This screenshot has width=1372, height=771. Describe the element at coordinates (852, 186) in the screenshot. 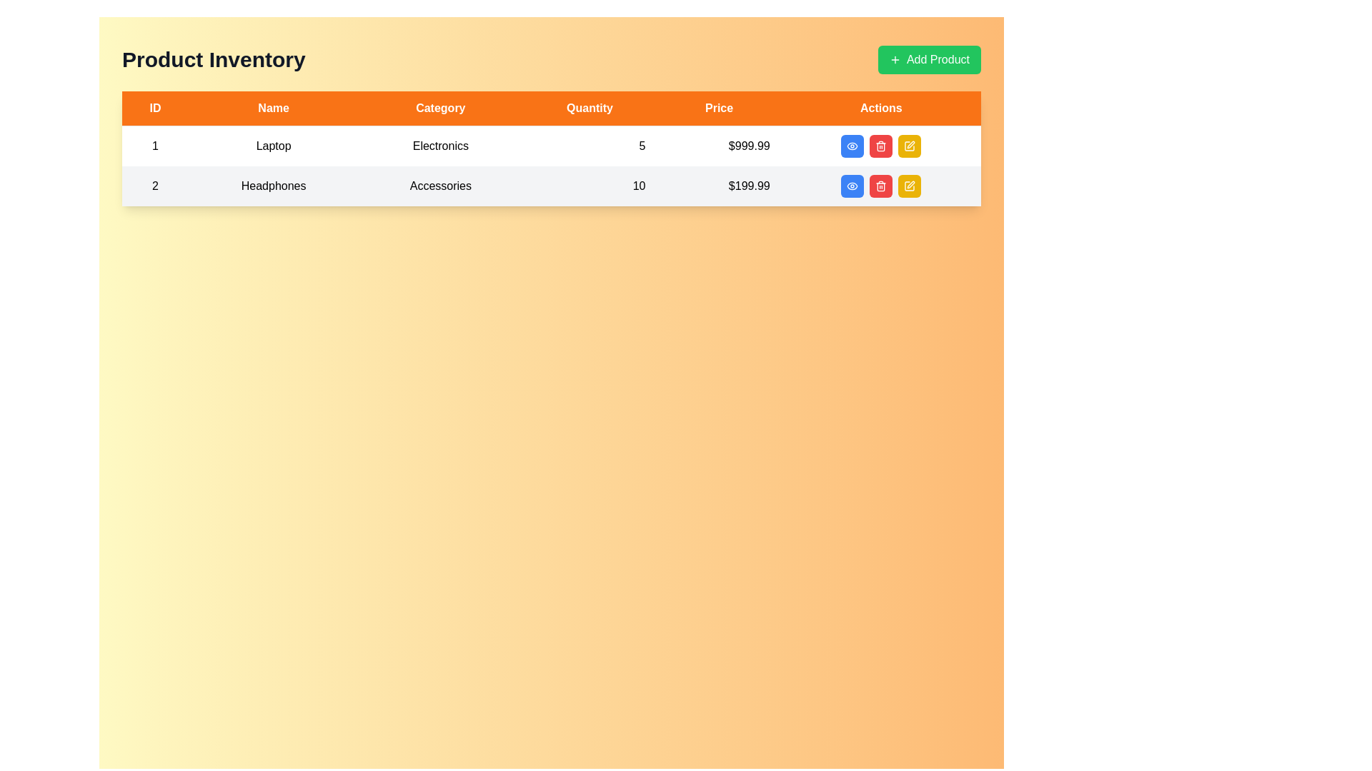

I see `the first action button in the second row of the table` at that location.